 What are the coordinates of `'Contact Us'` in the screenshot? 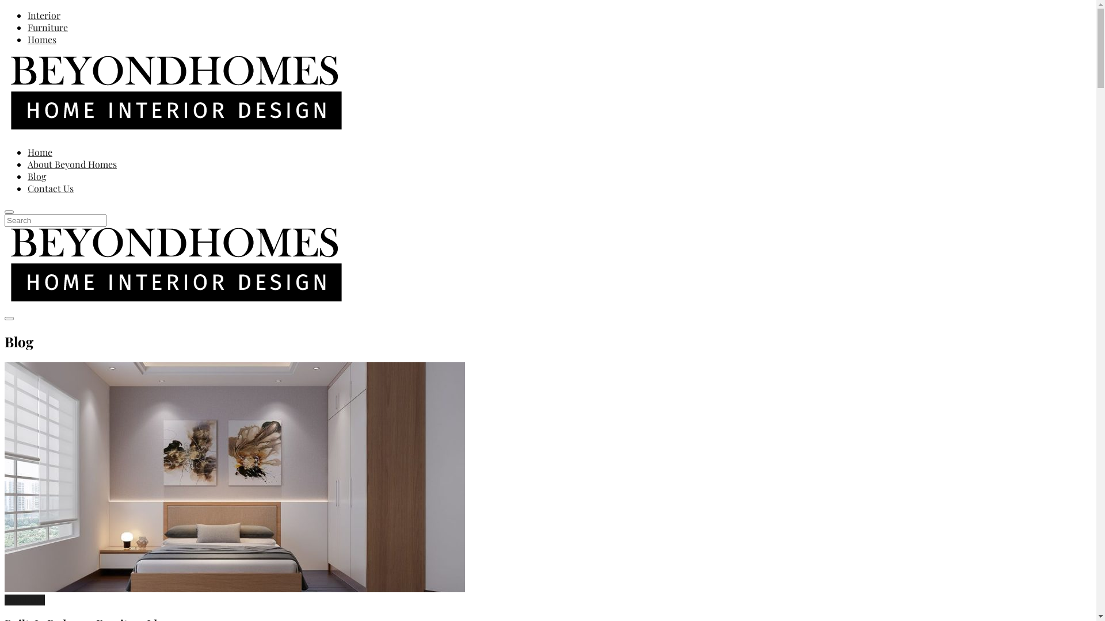 It's located at (49, 187).